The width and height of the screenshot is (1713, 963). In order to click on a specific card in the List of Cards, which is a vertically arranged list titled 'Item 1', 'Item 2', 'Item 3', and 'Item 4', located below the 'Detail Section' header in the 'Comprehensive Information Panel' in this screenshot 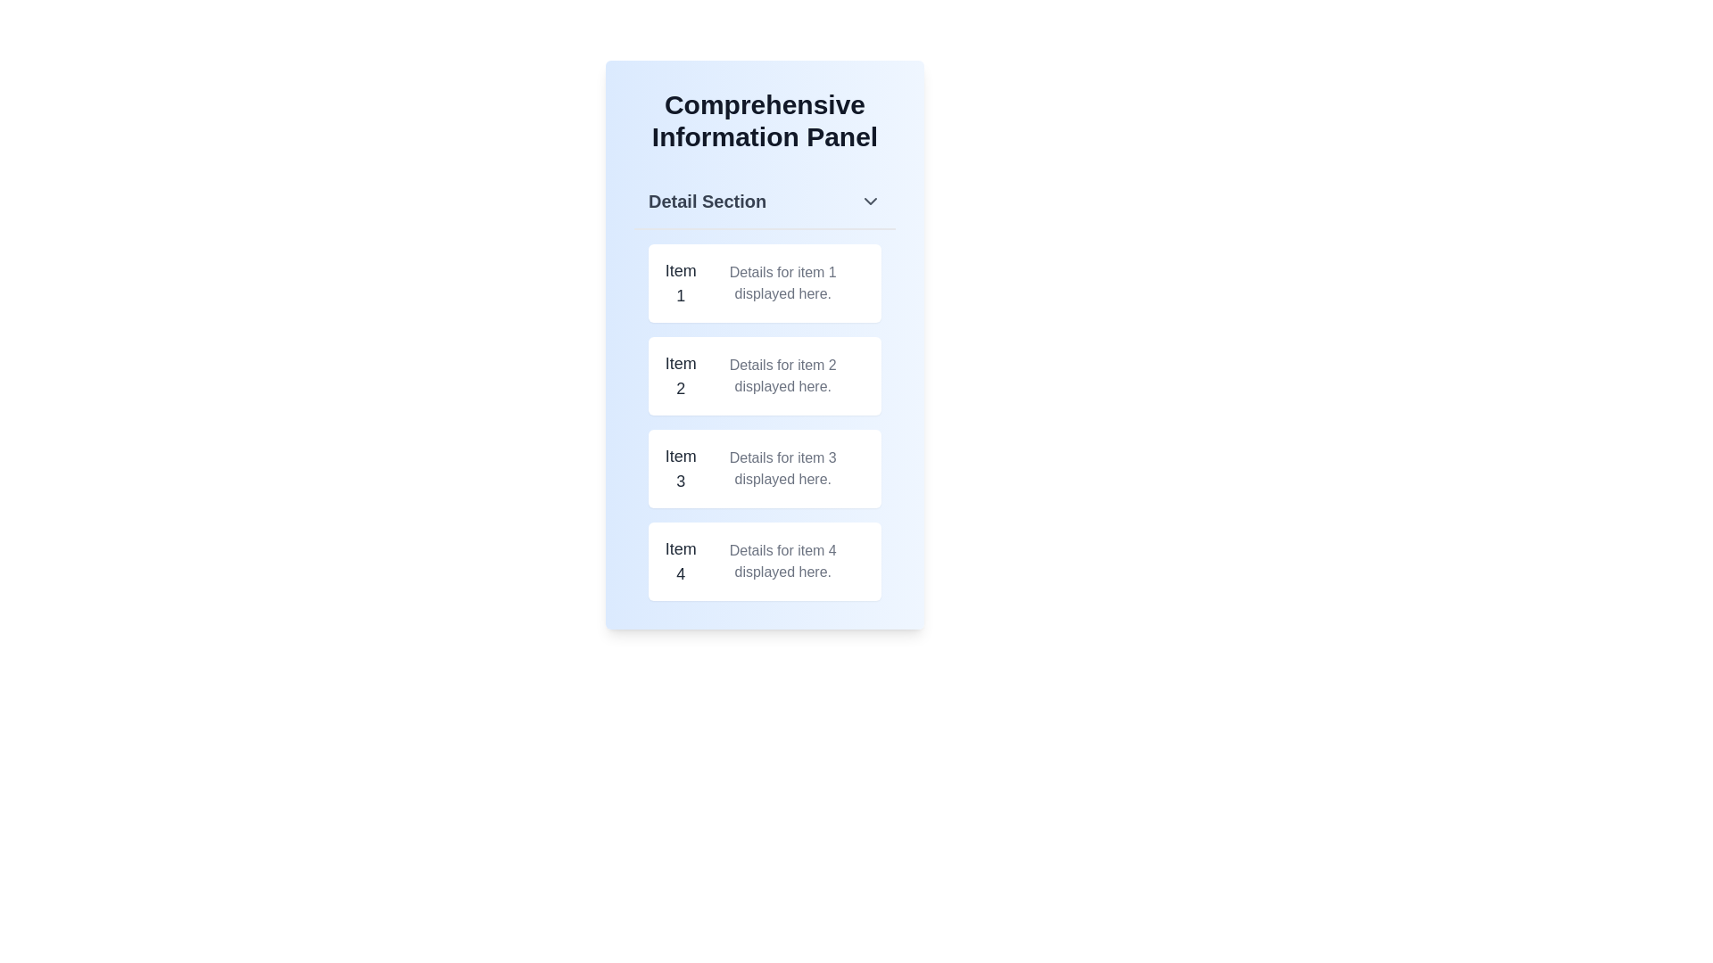, I will do `click(765, 387)`.